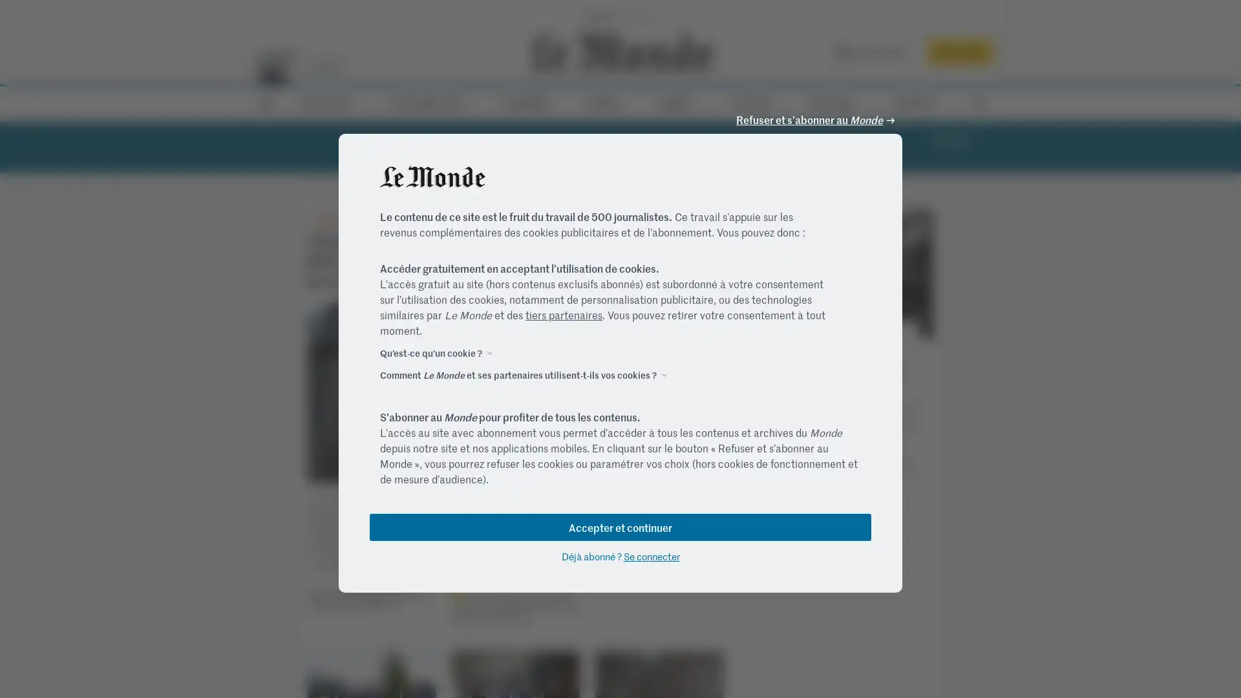 Image resolution: width=1241 pixels, height=698 pixels. Describe the element at coordinates (620, 526) in the screenshot. I see `Accepter et continuer` at that location.